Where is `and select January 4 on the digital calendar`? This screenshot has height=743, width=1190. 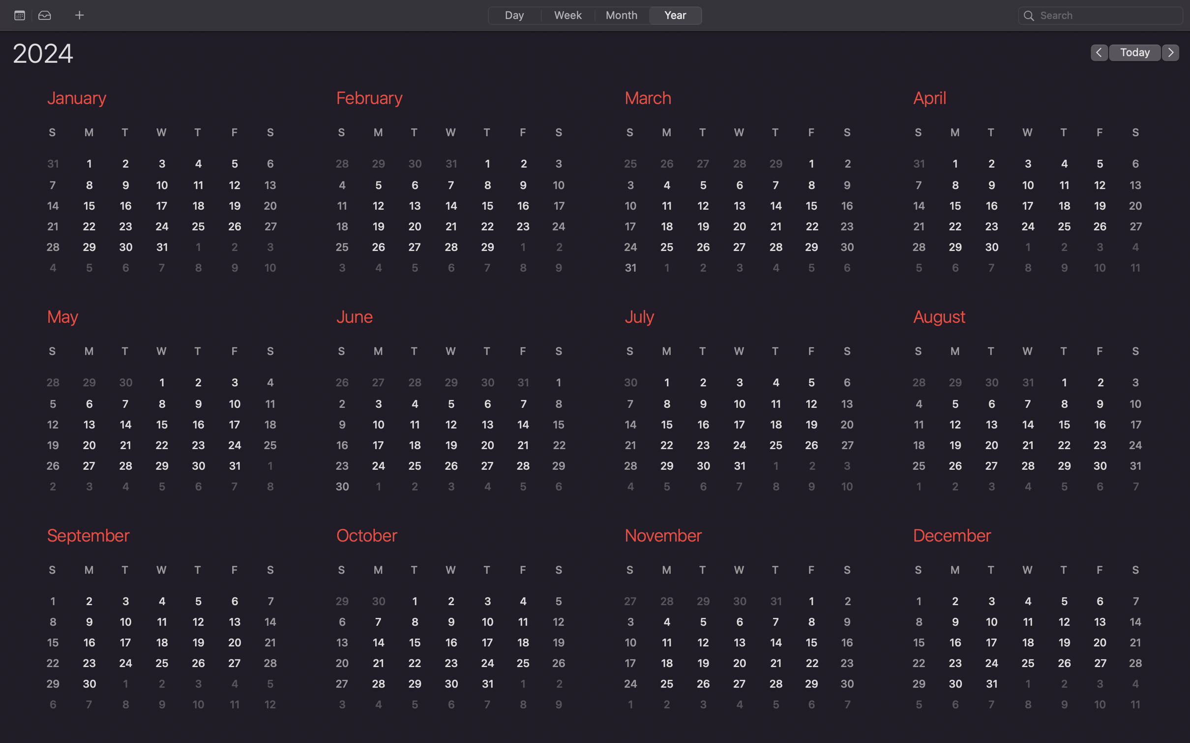 and select January 4 on the digital calendar is located at coordinates (198, 164).